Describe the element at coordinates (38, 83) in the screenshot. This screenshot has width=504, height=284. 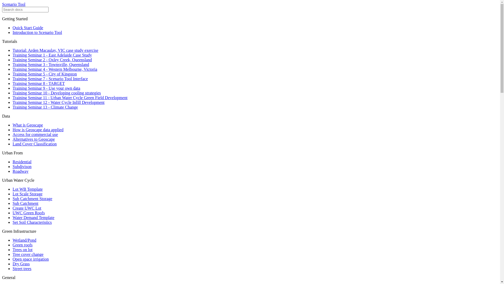
I see `'Training Seminar 8 - TARGET'` at that location.